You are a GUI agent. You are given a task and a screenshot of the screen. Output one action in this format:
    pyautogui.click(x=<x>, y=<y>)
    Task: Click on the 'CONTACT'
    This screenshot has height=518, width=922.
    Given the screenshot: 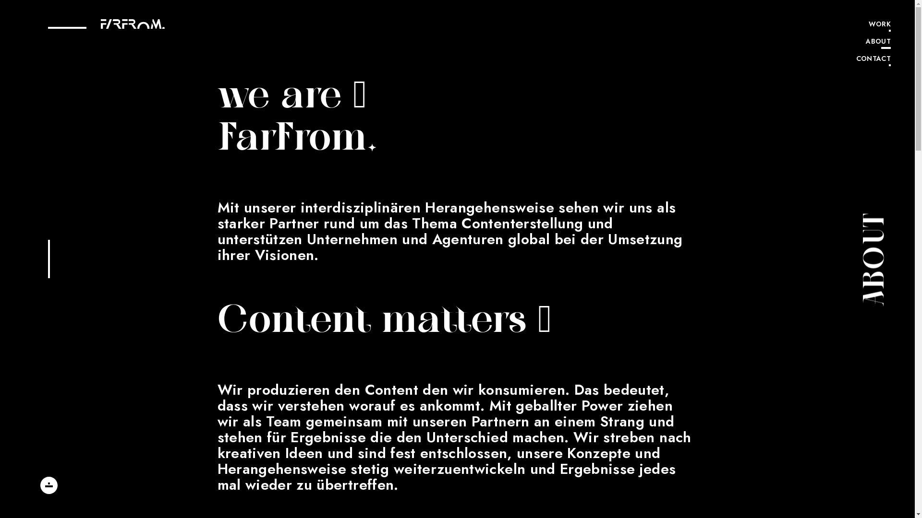 What is the action you would take?
    pyautogui.click(x=856, y=59)
    